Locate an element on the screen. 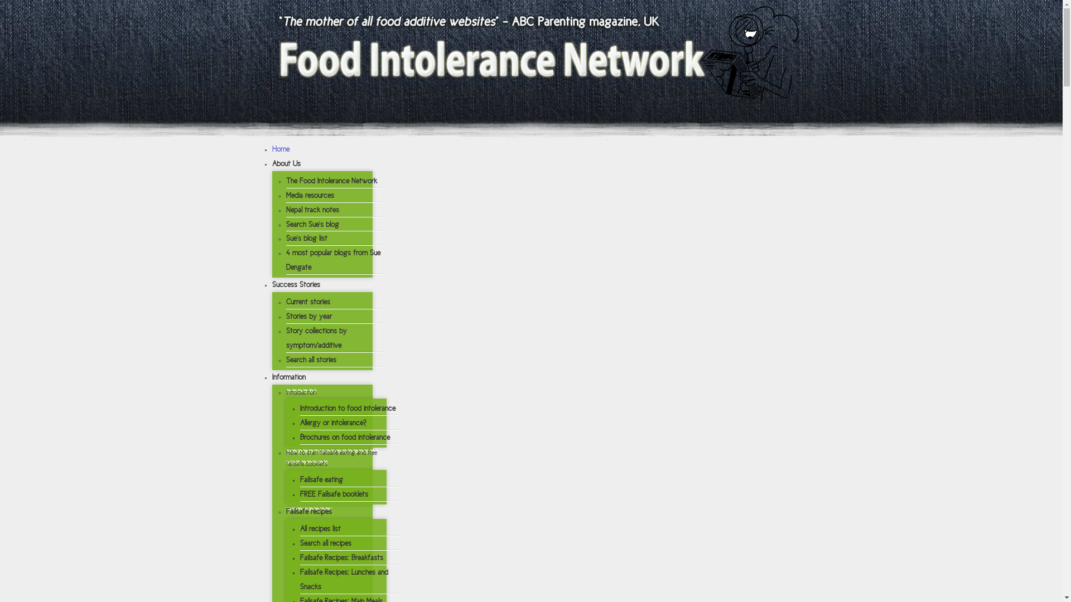 This screenshot has height=602, width=1071. 'Success story [992]' is located at coordinates (553, 361).